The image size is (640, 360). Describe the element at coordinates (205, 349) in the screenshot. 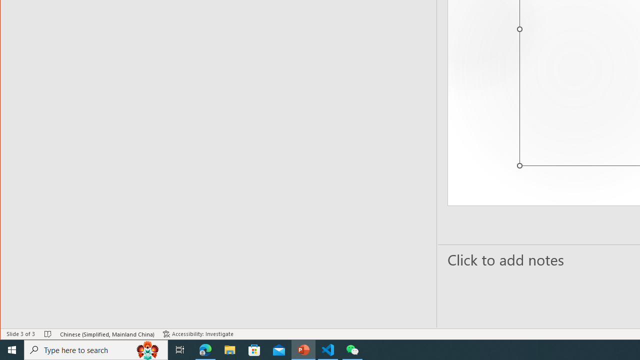

I see `'Microsoft Edge - 1 running window'` at that location.